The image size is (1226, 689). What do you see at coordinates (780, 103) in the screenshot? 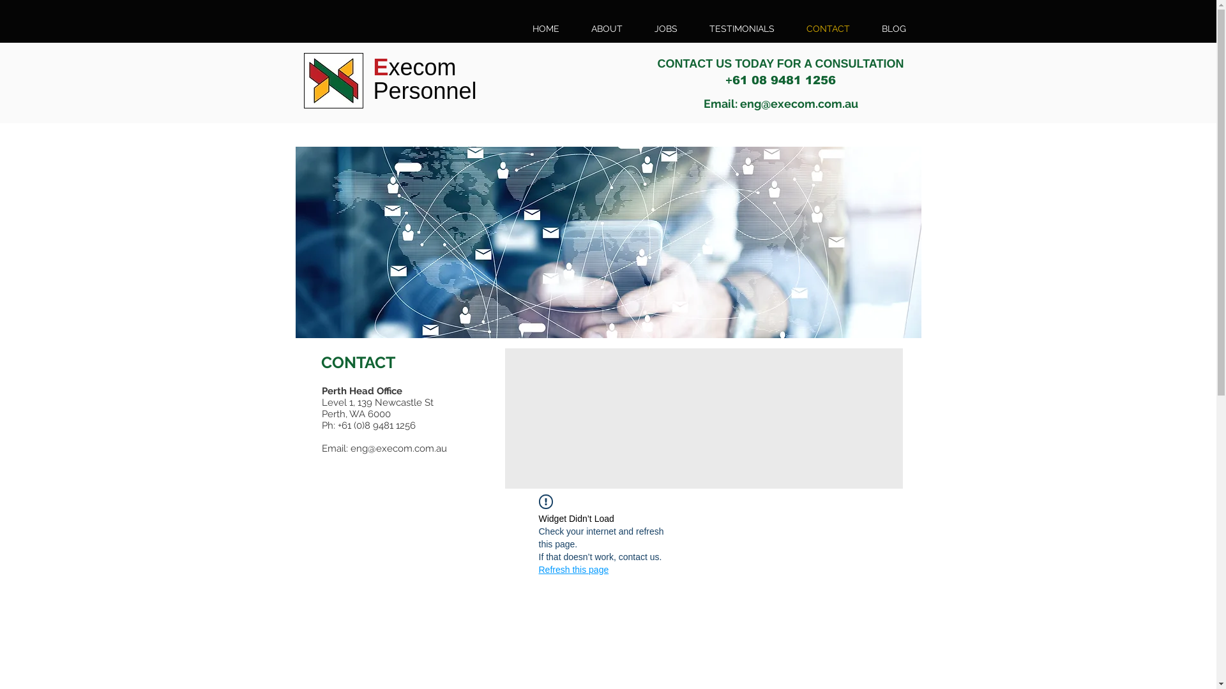
I see `'Email: eng@execom.com.au'` at bounding box center [780, 103].